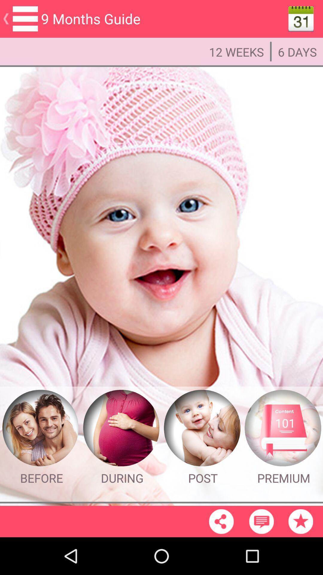  What do you see at coordinates (301, 521) in the screenshot?
I see `to favorites` at bounding box center [301, 521].